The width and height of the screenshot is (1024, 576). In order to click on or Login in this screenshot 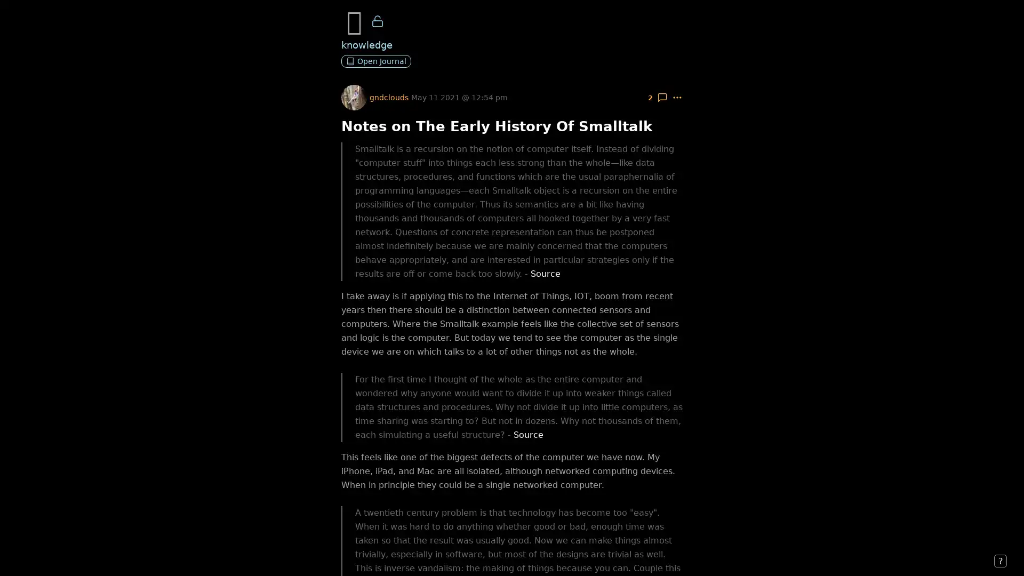, I will do `click(160, 555)`.